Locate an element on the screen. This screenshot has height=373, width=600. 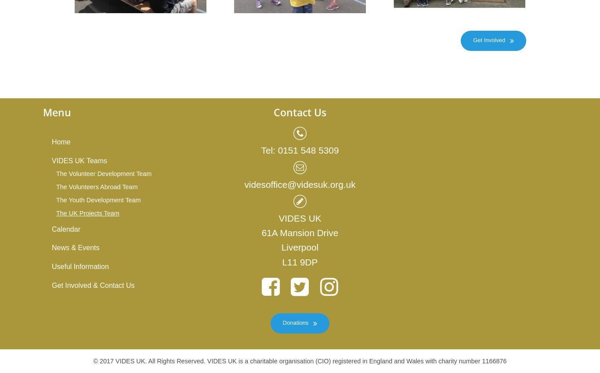
'61A Mansion Drive' is located at coordinates (299, 232).